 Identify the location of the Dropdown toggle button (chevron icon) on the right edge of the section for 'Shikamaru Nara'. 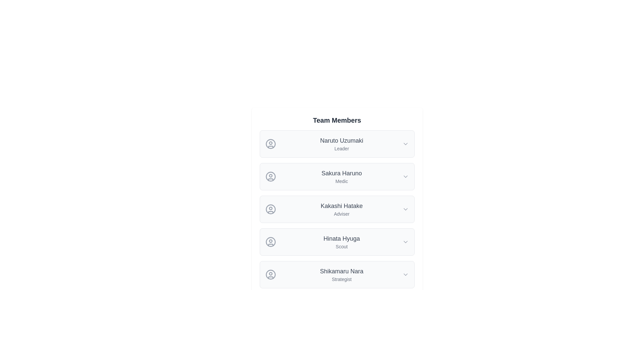
(405, 275).